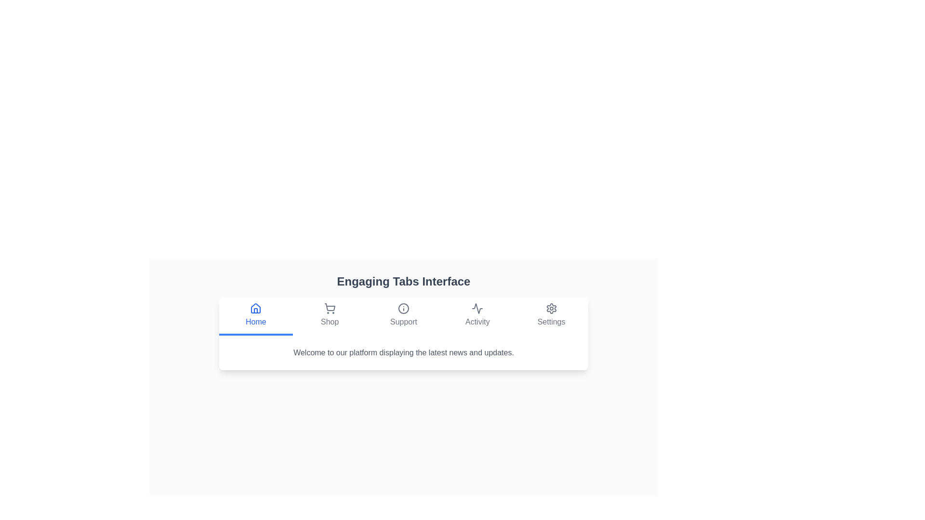 The width and height of the screenshot is (925, 520). What do you see at coordinates (477, 315) in the screenshot?
I see `the Navigation button, which features a zigzag electrocardiogram icon above the text 'Activity', located in the horizontal navigation bar` at bounding box center [477, 315].